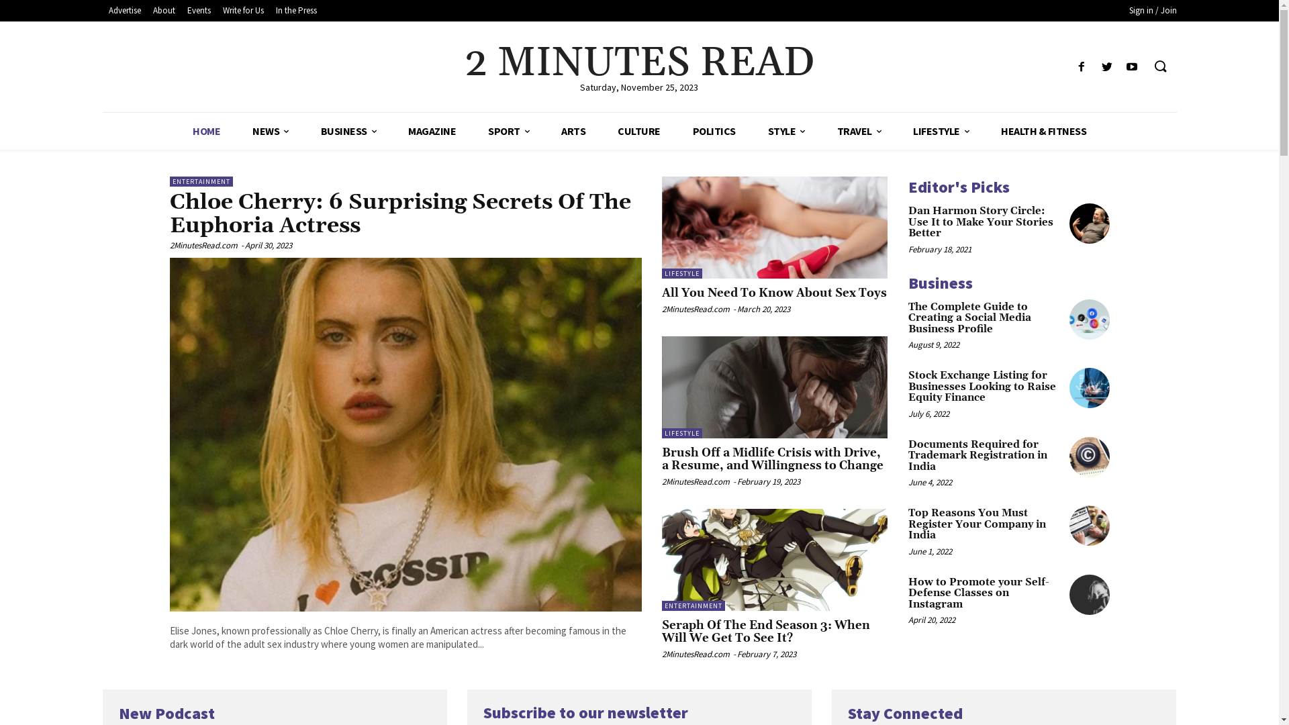 This screenshot has height=725, width=1289. Describe the element at coordinates (205, 131) in the screenshot. I see `'HOME'` at that location.